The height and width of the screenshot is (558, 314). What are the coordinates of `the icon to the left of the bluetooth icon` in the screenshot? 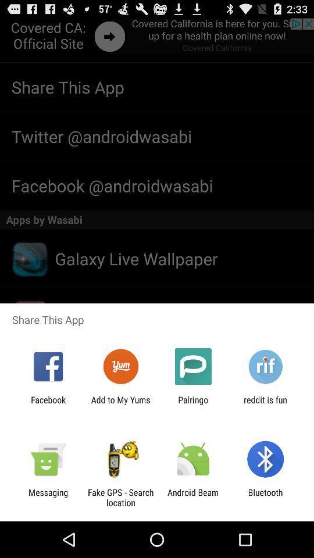 It's located at (193, 497).